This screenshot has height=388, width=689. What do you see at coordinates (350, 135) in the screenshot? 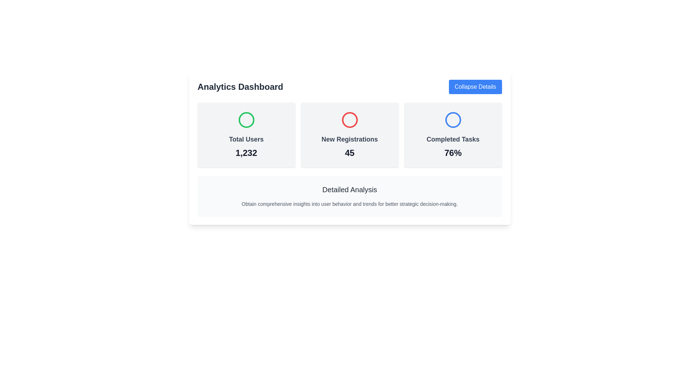
I see `the Dashboard summary card displaying 'New Registrations' with a bold number '45' at the bottom, which is the second card in a row of three cards` at bounding box center [350, 135].